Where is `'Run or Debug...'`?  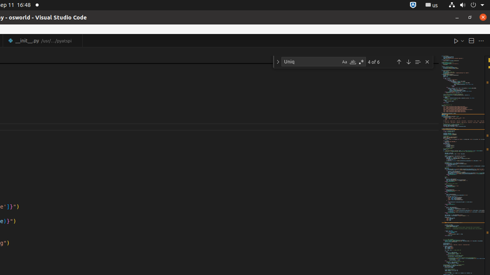 'Run or Debug...' is located at coordinates (462, 40).